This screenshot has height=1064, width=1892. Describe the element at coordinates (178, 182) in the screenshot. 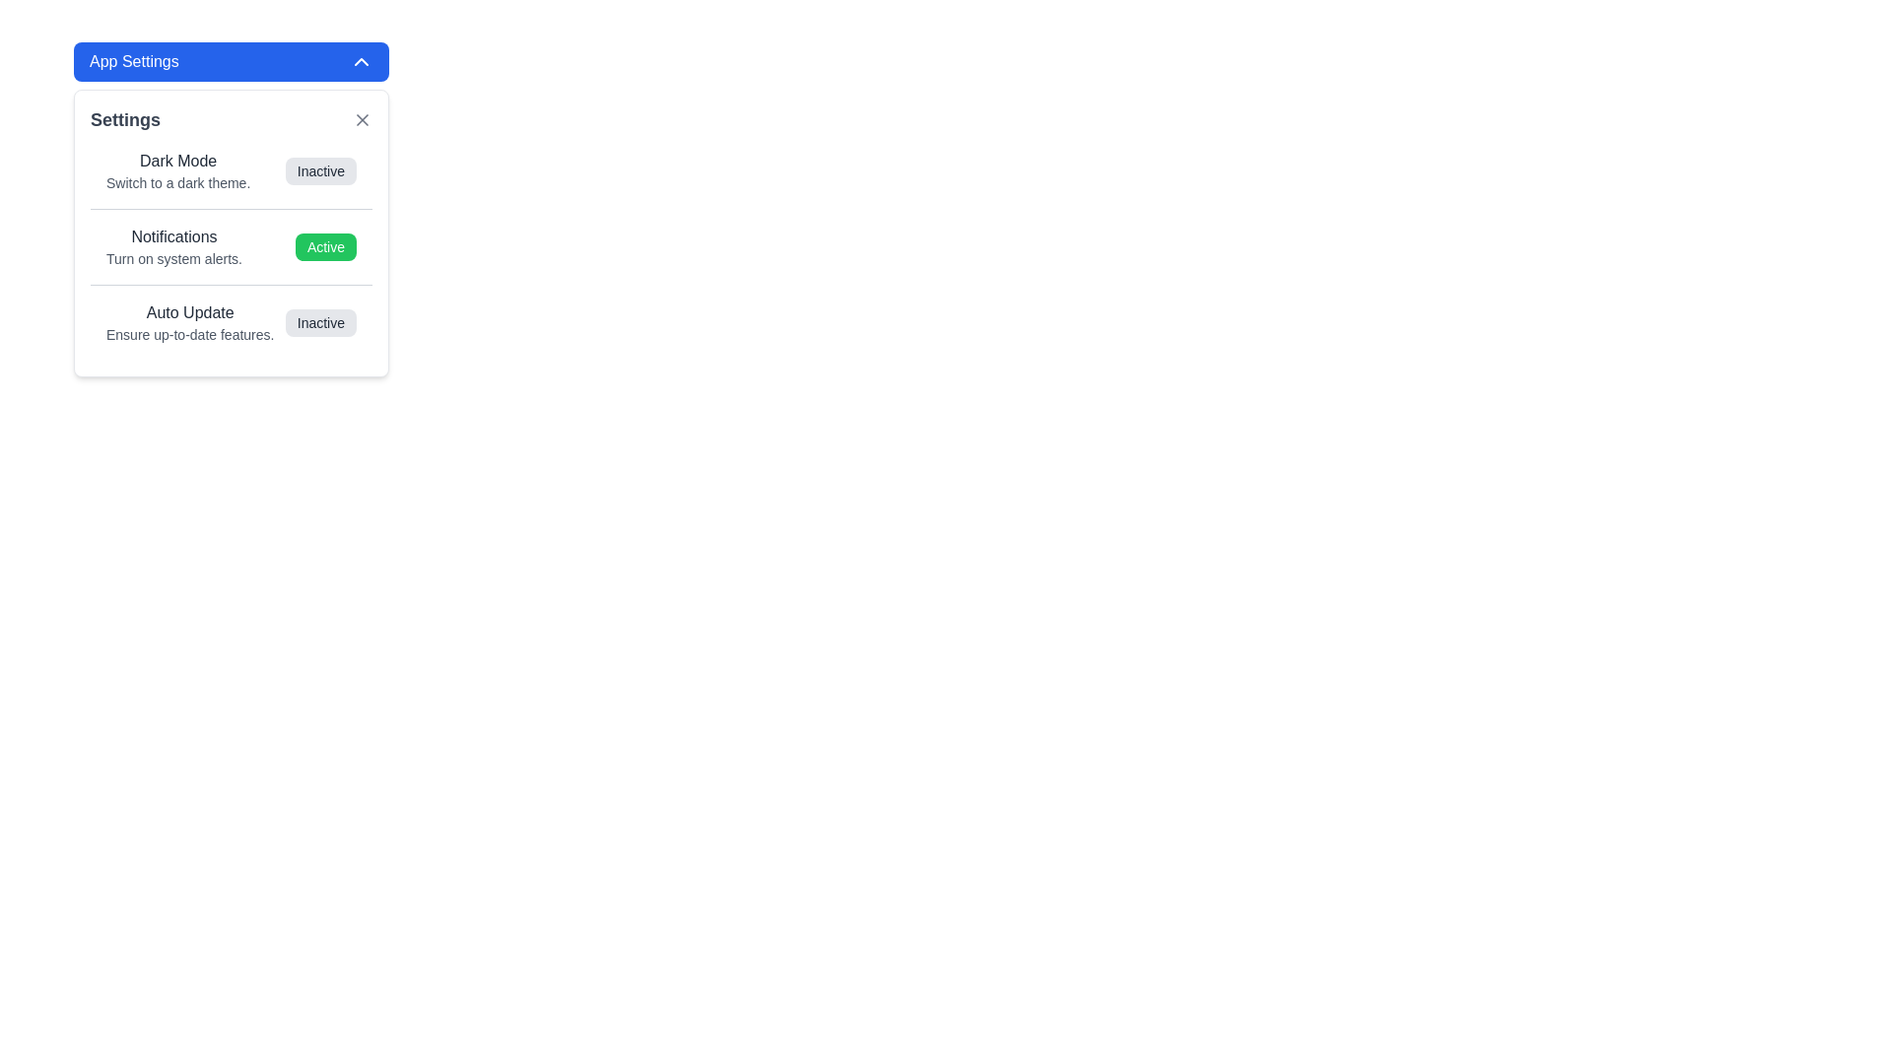

I see `the explanatory text label for the 'Dark Mode' feature, which is positioned below the 'Dark Mode' text in the 'Settings' panel` at that location.